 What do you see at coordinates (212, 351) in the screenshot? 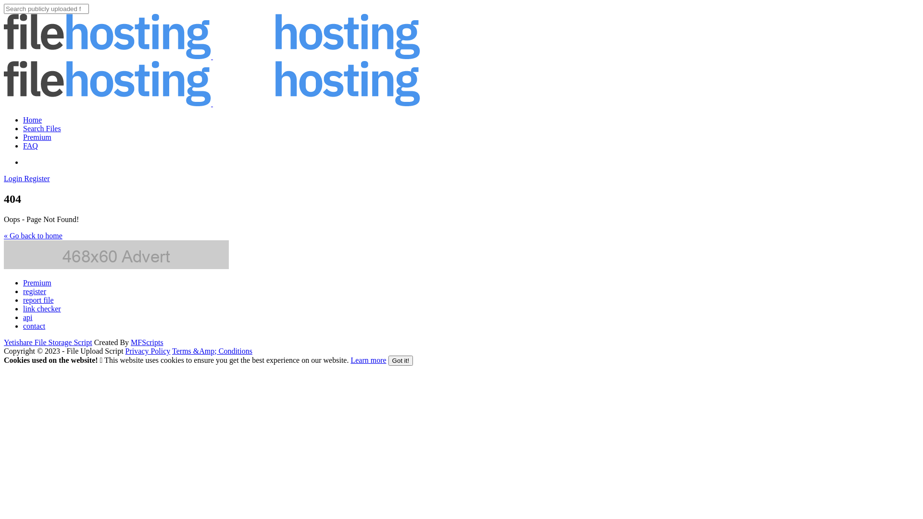
I see `'Terms &Amp; Conditions'` at bounding box center [212, 351].